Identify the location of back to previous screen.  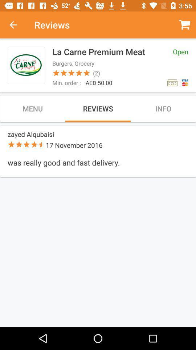
(17, 25).